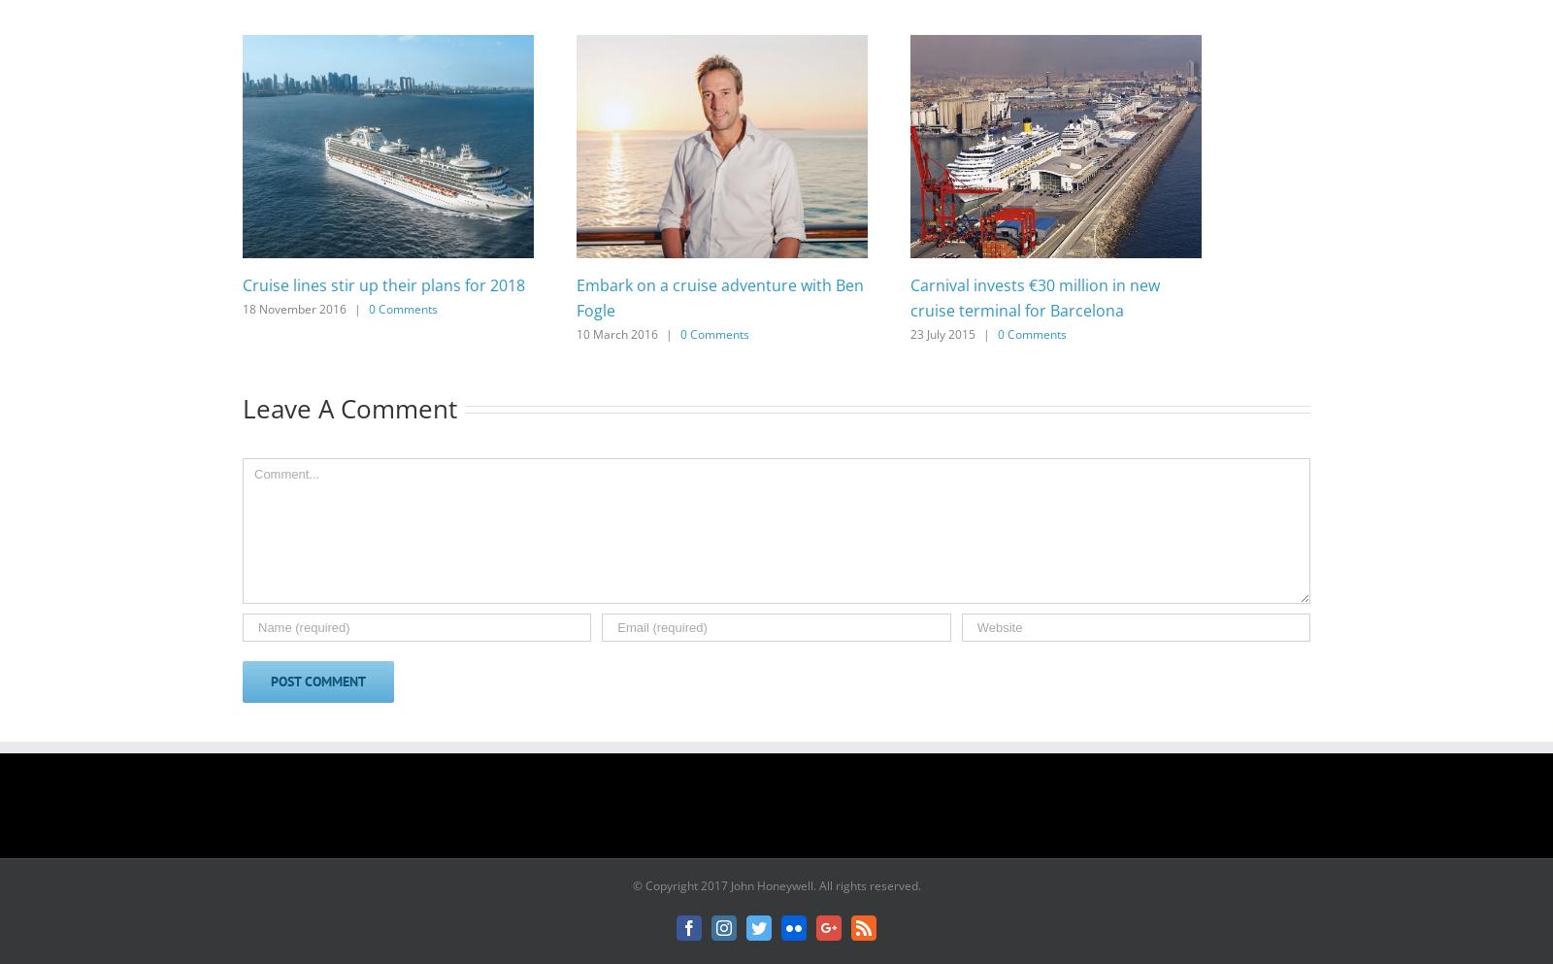  What do you see at coordinates (294, 307) in the screenshot?
I see `'18 November 2016'` at bounding box center [294, 307].